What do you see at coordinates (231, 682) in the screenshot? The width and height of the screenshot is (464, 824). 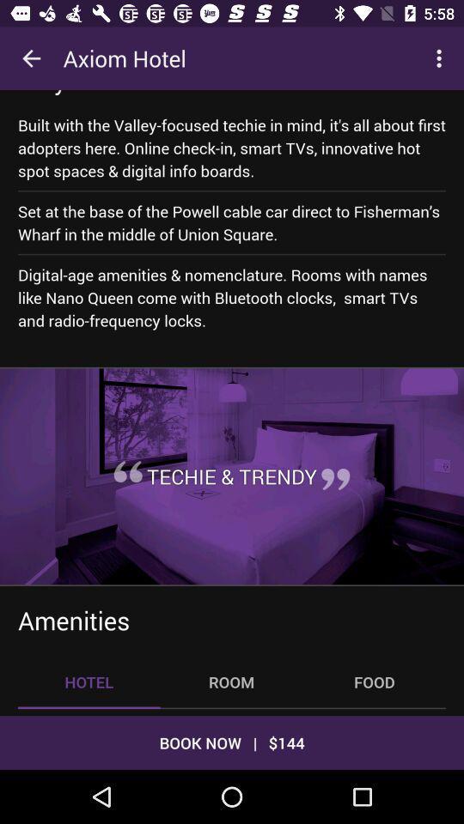 I see `icon to the right of the hotel` at bounding box center [231, 682].